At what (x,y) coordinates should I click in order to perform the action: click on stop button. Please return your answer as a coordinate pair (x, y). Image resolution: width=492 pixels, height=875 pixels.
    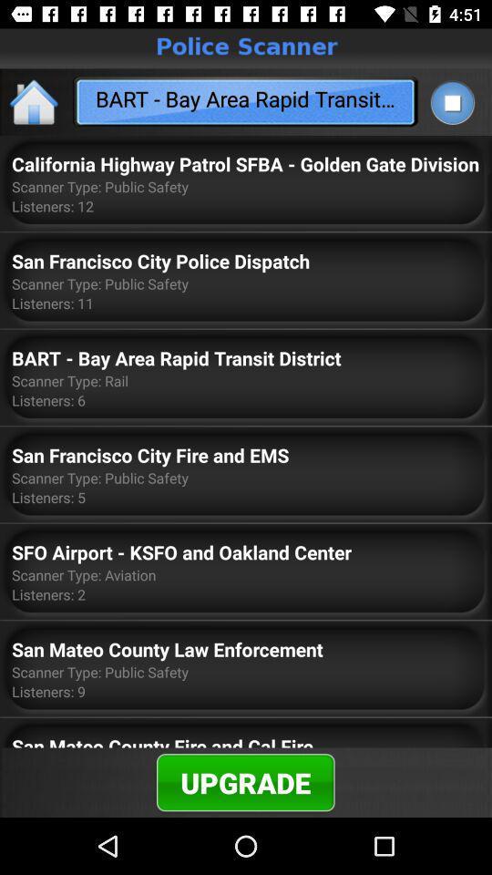
    Looking at the image, I should click on (451, 102).